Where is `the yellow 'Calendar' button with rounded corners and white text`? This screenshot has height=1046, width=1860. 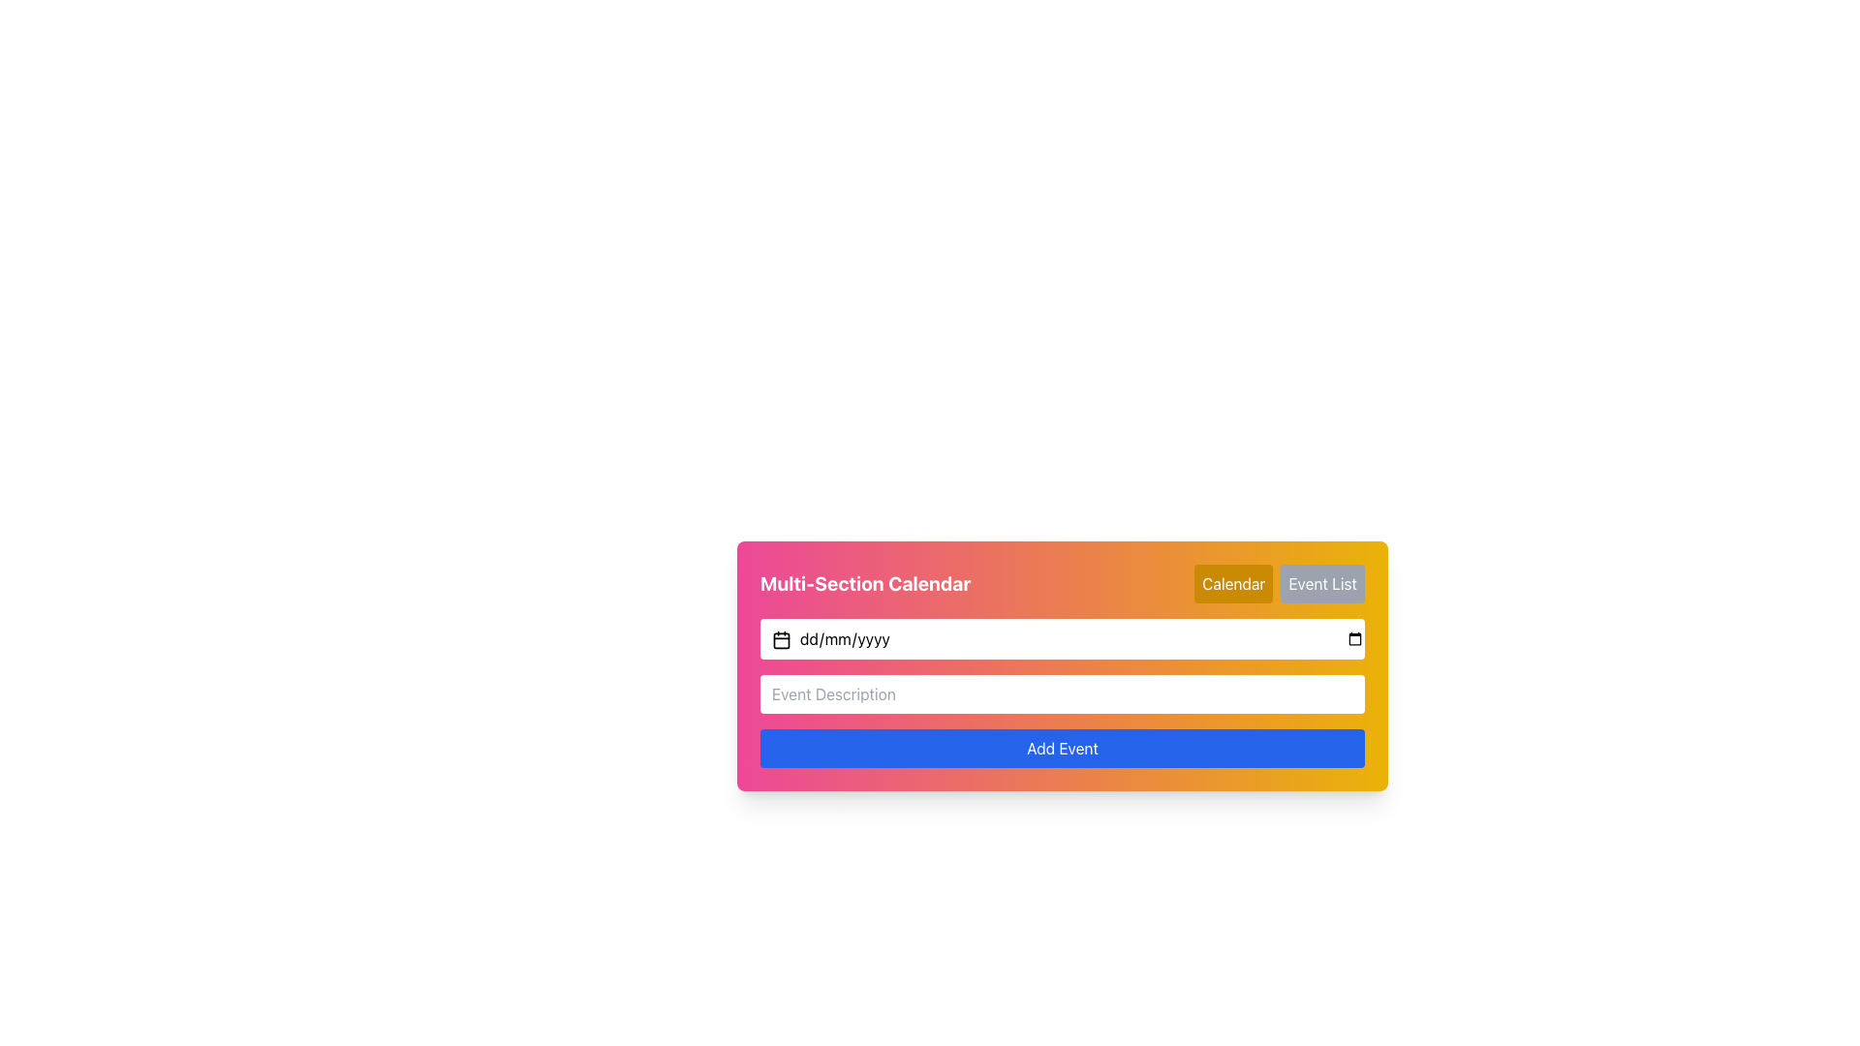 the yellow 'Calendar' button with rounded corners and white text is located at coordinates (1232, 582).